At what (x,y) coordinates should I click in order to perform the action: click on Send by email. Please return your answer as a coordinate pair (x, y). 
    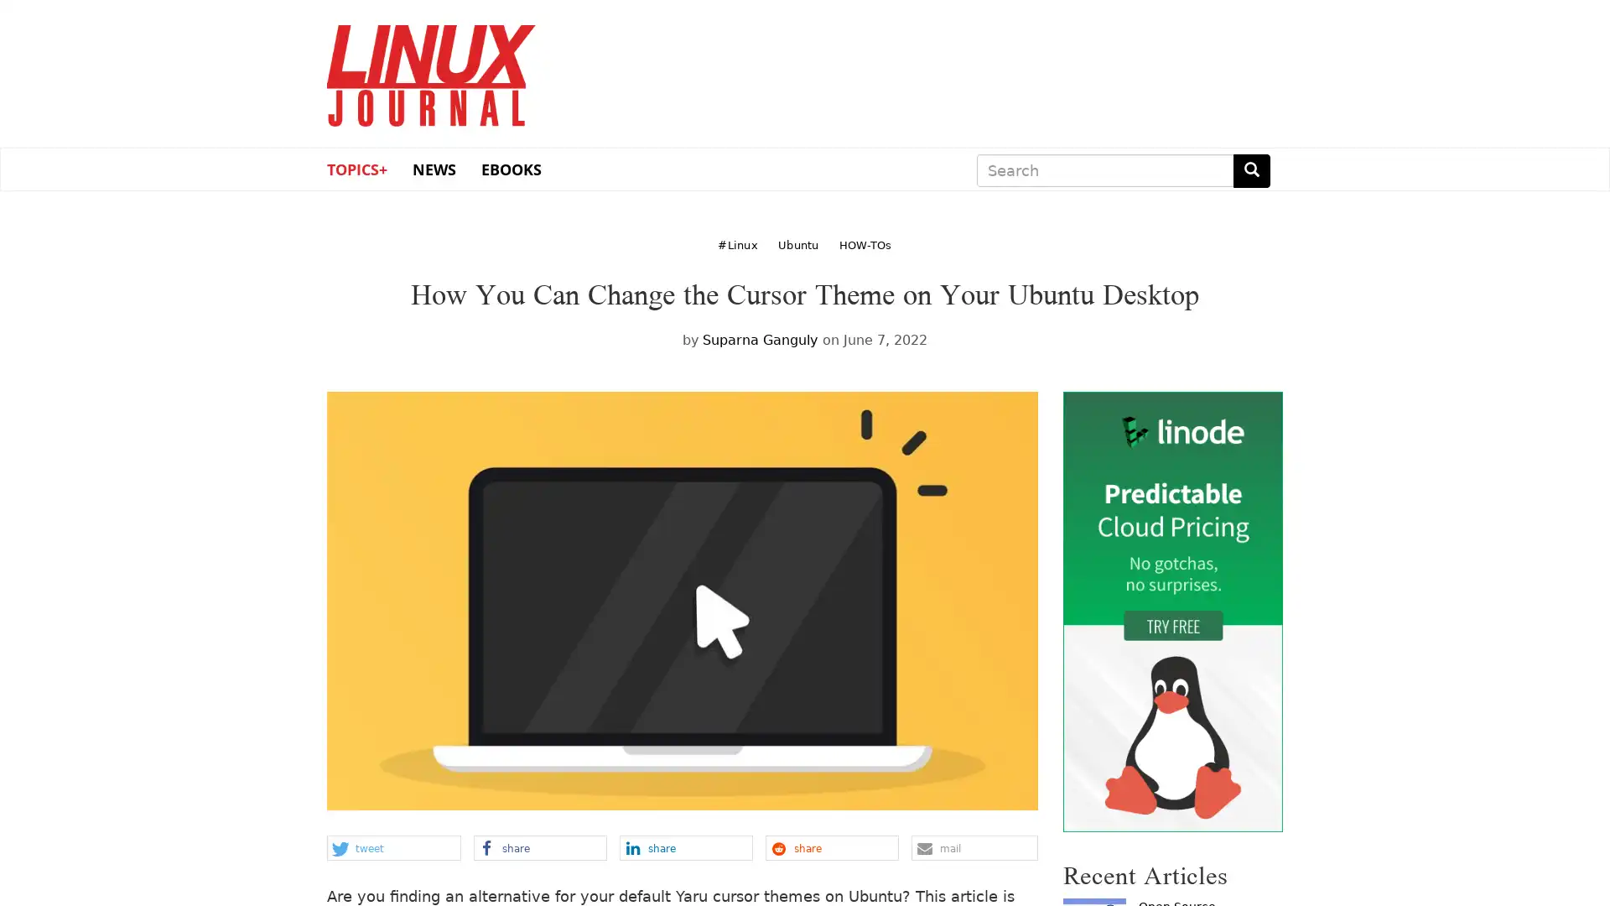
    Looking at the image, I should click on (974, 847).